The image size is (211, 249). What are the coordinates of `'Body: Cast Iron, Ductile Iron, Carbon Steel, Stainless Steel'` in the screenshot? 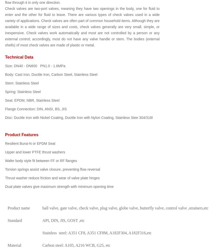 It's located at (51, 75).